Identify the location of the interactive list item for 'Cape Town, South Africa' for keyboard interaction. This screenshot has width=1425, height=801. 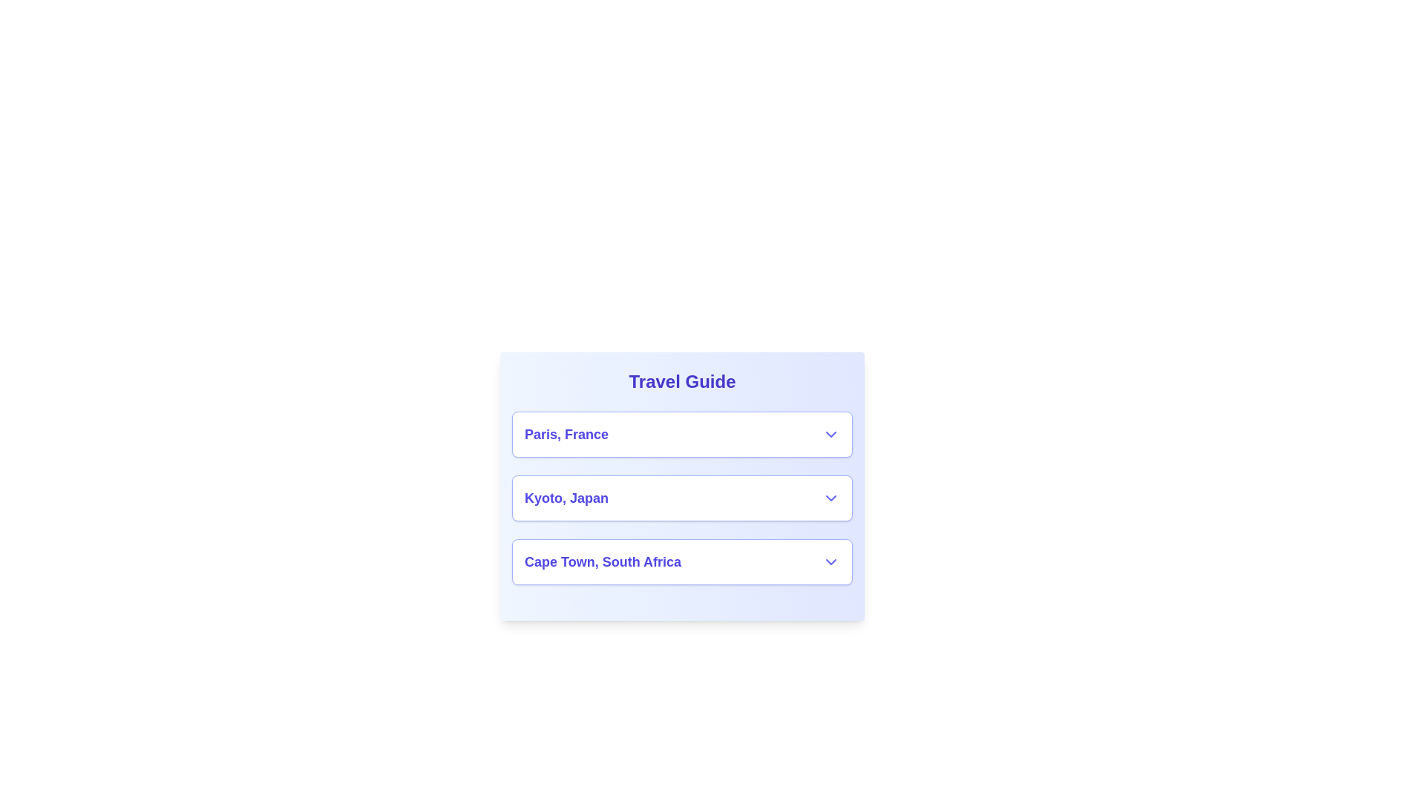
(681, 562).